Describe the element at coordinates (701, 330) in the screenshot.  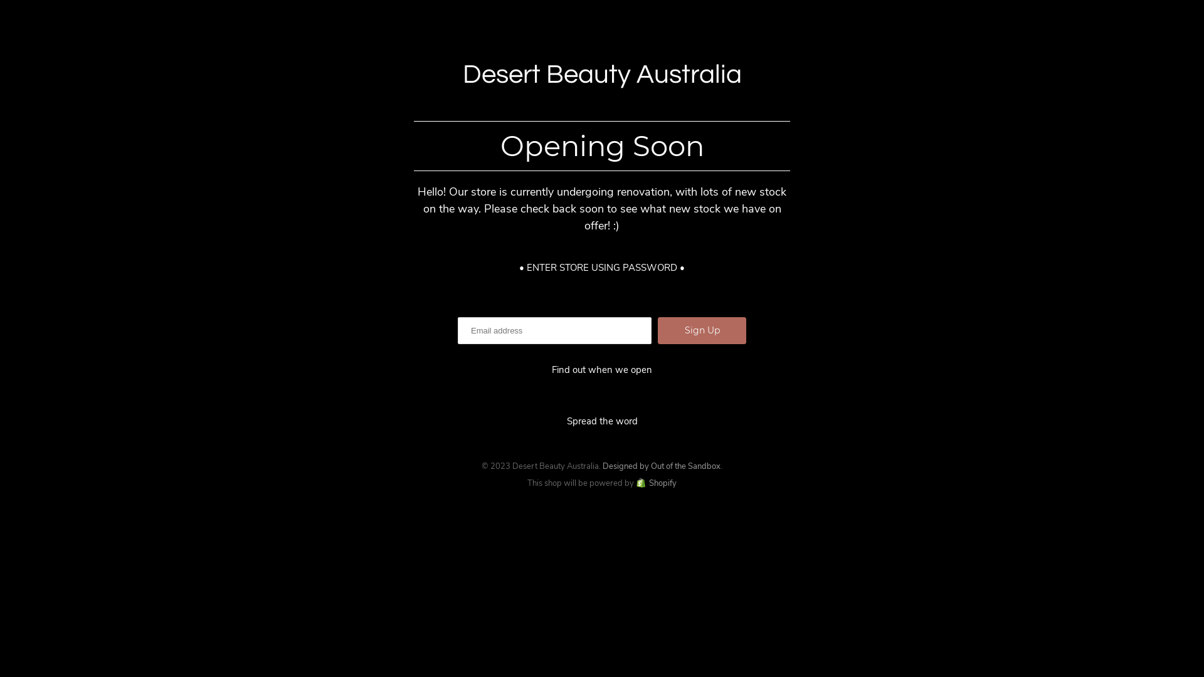
I see `'Sign Up'` at that location.